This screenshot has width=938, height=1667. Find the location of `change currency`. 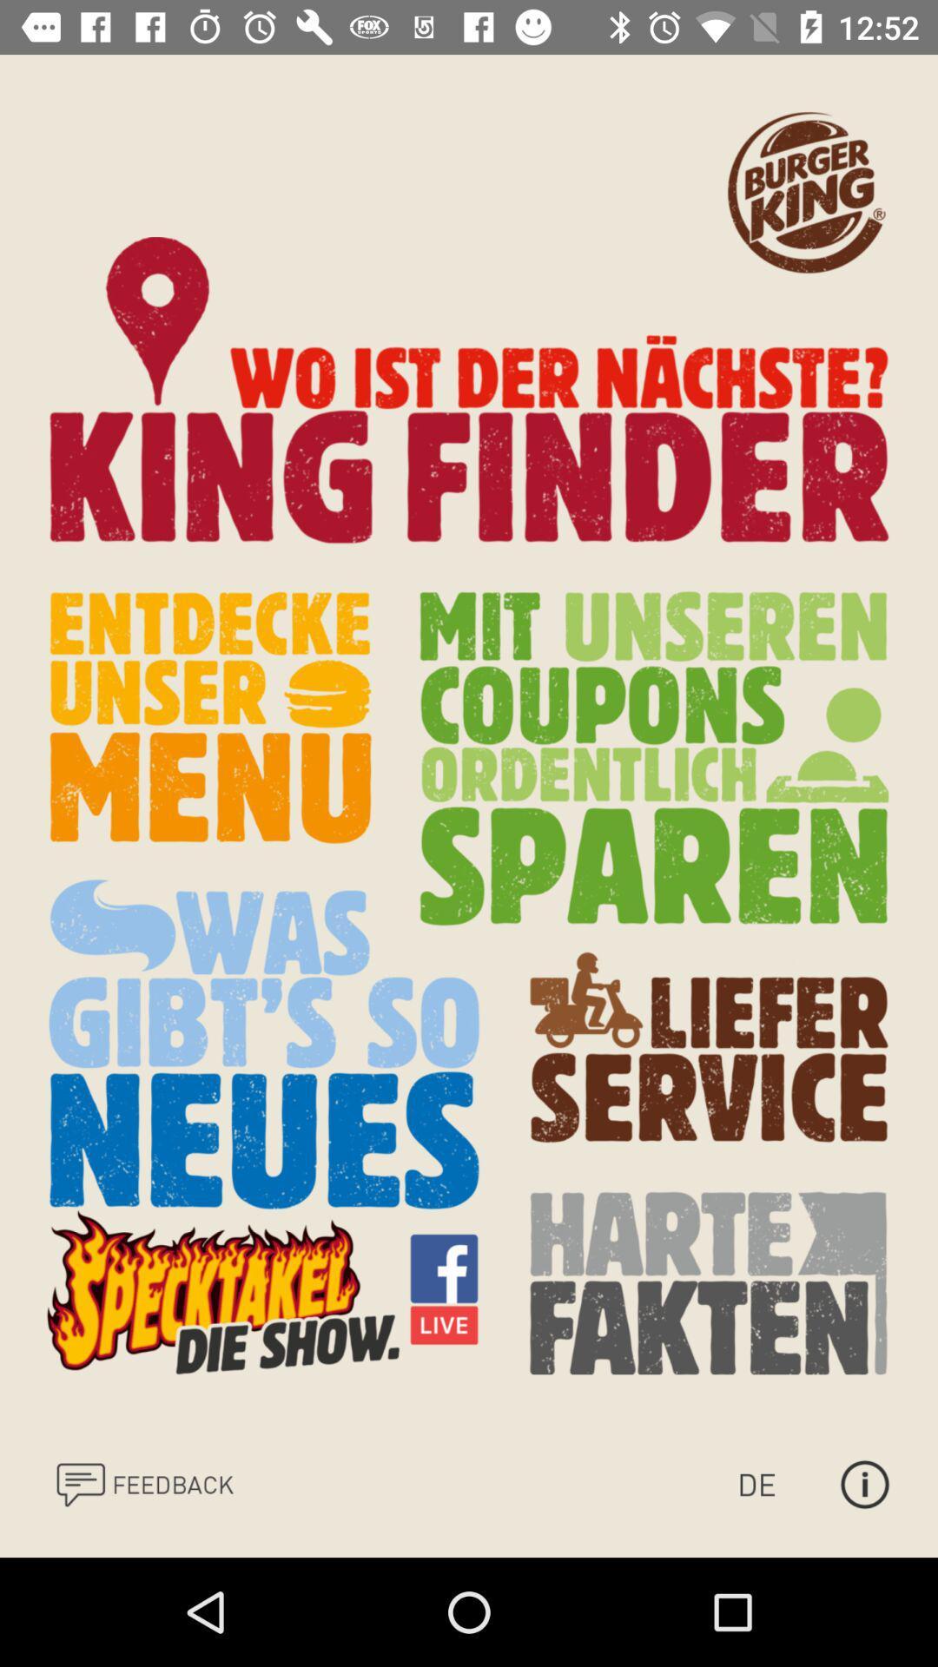

change currency is located at coordinates (773, 1483).